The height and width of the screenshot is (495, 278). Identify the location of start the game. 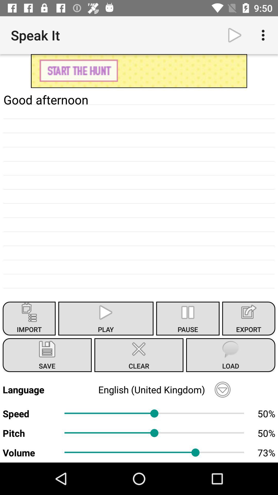
(139, 71).